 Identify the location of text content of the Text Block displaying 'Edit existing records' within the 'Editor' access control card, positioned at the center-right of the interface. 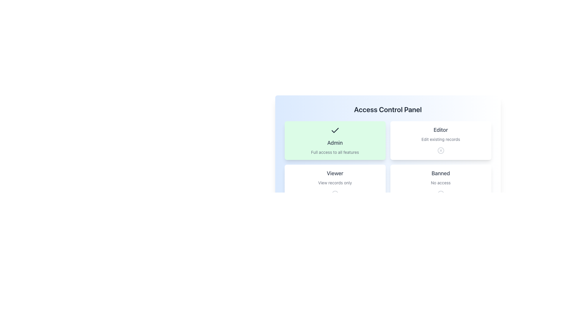
(441, 139).